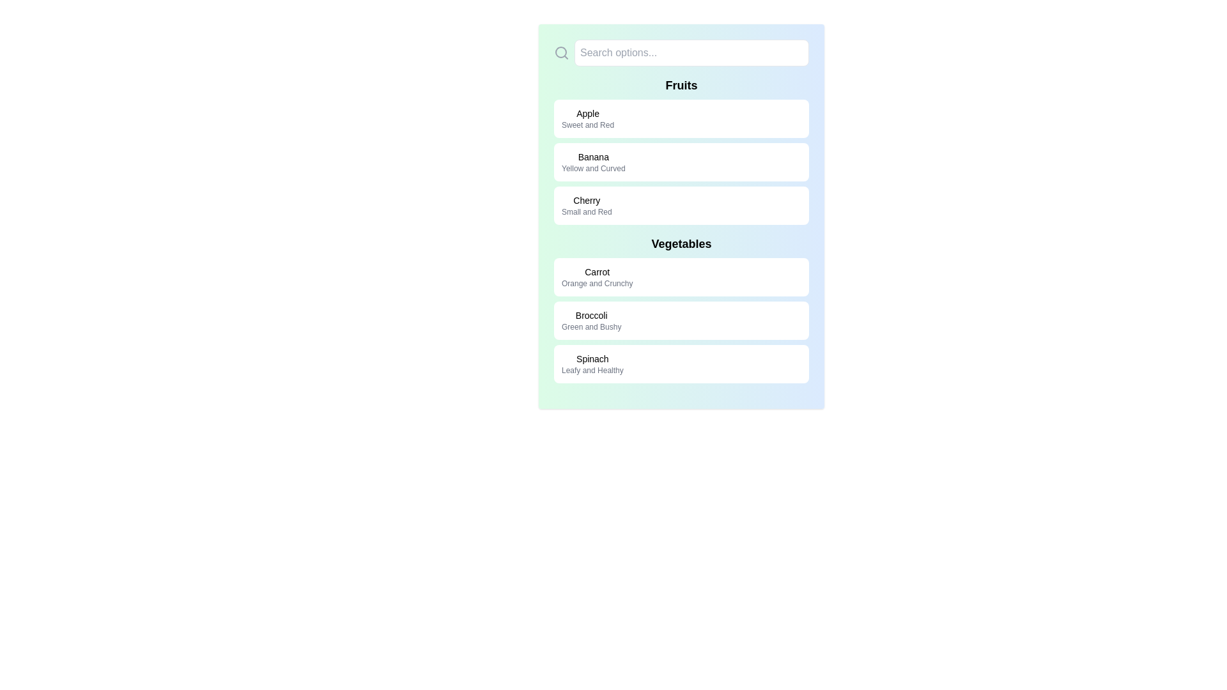 Image resolution: width=1227 pixels, height=690 pixels. What do you see at coordinates (586, 204) in the screenshot?
I see `on the informational text block displaying 'Cherry' in bold, which is located in the third row of the 'Fruits' list` at bounding box center [586, 204].